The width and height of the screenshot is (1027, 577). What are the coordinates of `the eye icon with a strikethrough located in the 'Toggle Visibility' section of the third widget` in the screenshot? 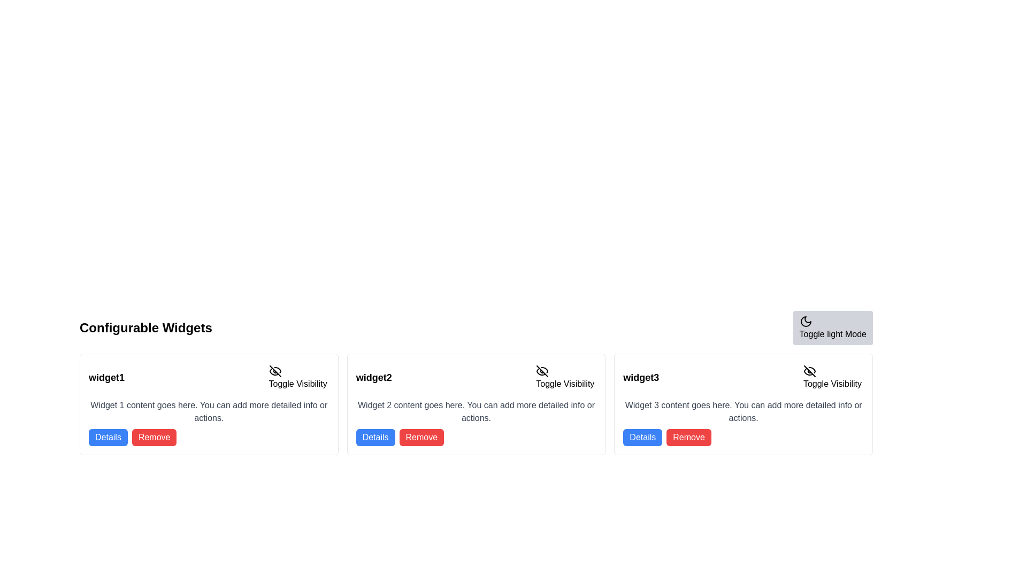 It's located at (809, 370).